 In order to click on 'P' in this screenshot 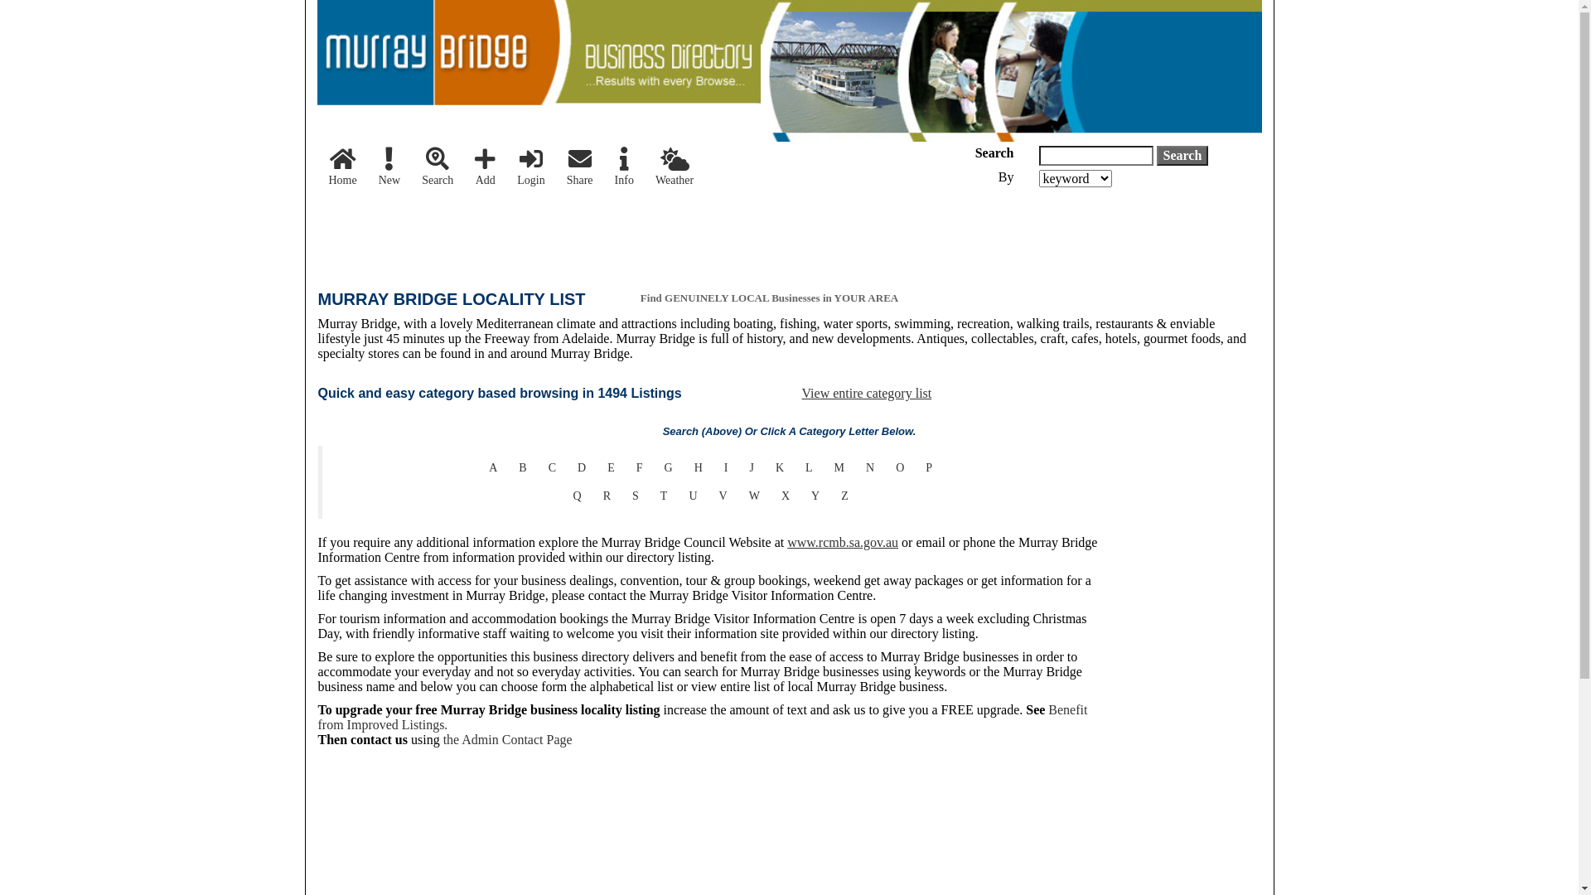, I will do `click(929, 467)`.